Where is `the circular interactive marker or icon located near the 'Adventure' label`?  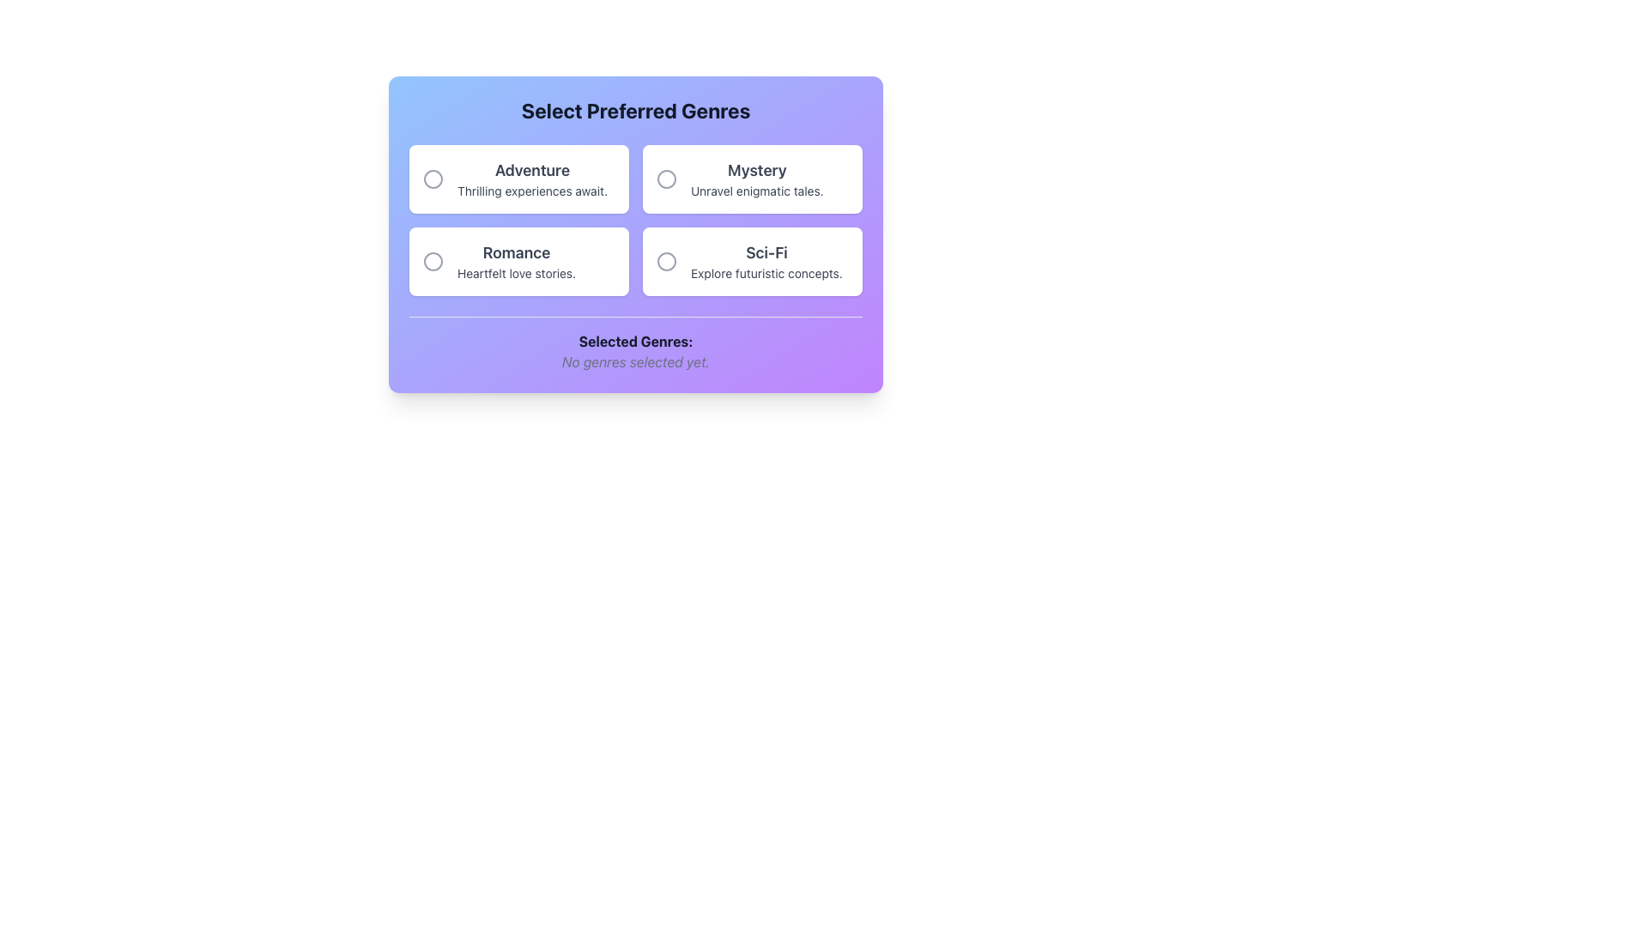
the circular interactive marker or icon located near the 'Adventure' label is located at coordinates (433, 179).